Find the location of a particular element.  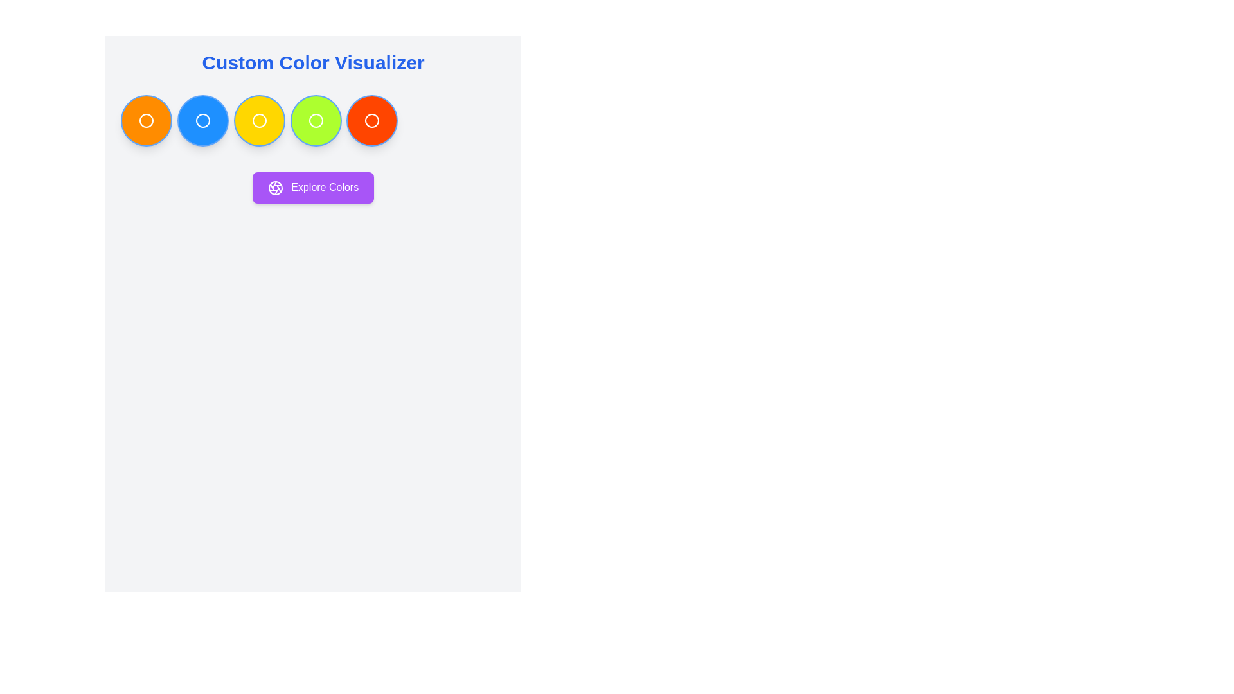

the fifth circular button with a bright green background, blue border, and a white dot in the center is located at coordinates (316, 121).